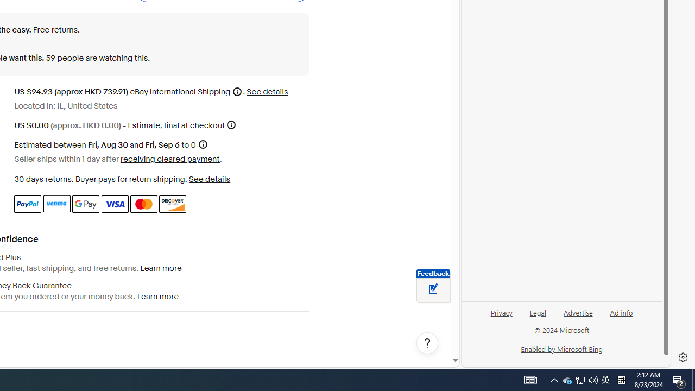  Describe the element at coordinates (143, 204) in the screenshot. I see `'Master Card'` at that location.